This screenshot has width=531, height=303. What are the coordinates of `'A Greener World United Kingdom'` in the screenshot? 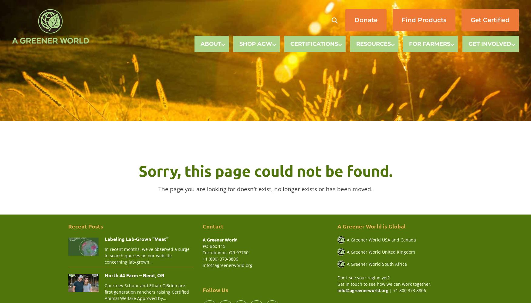 It's located at (380, 251).